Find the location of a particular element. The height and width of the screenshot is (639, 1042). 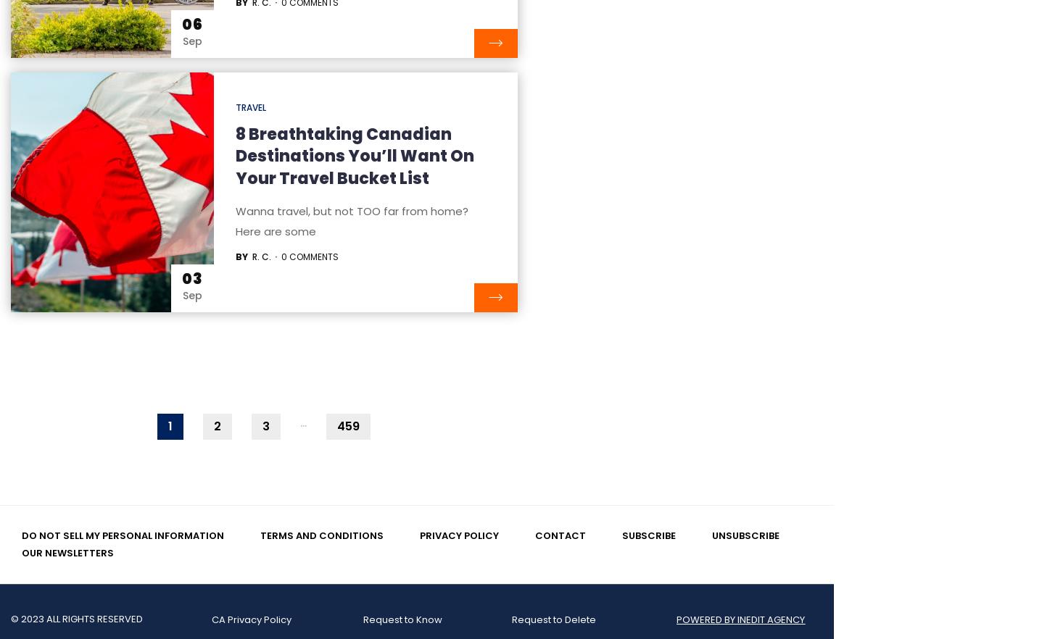

'Terms and Conditions' is located at coordinates (322, 534).